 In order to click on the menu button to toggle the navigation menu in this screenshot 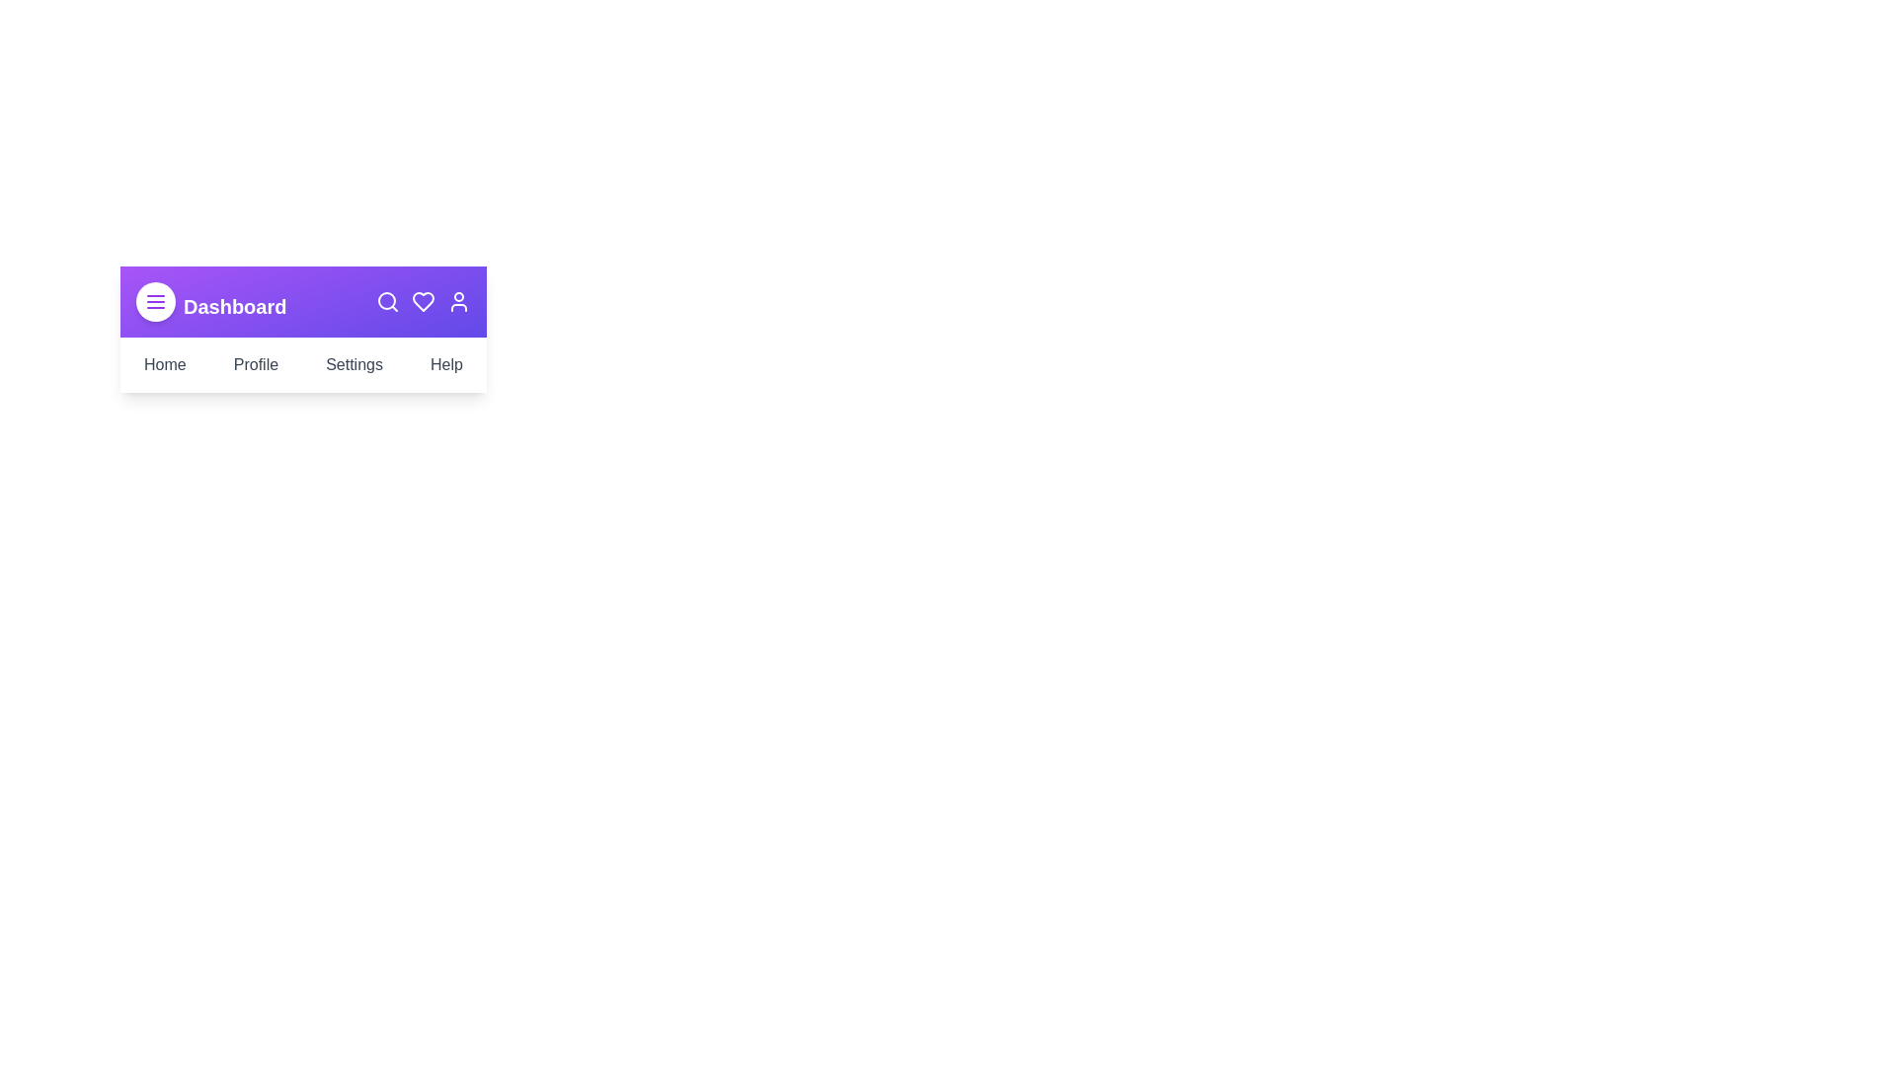, I will do `click(155, 301)`.